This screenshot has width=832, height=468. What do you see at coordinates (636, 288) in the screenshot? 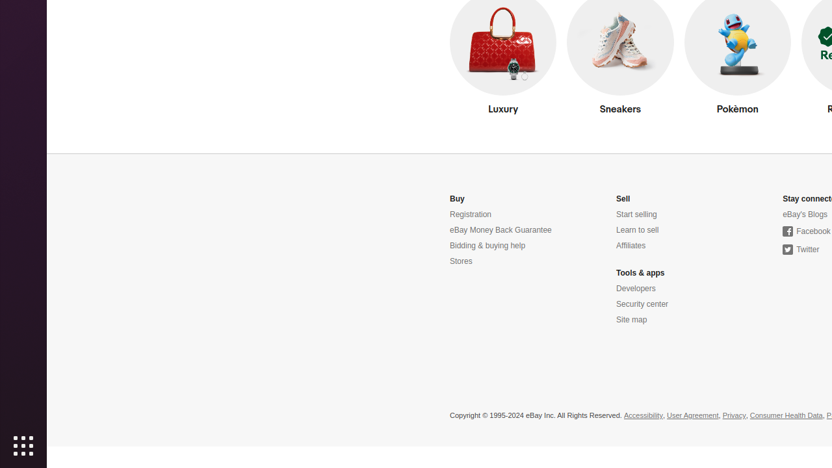
I see `'Developers'` at bounding box center [636, 288].